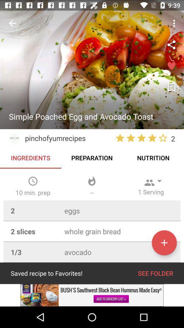  I want to click on favorite, so click(171, 66).